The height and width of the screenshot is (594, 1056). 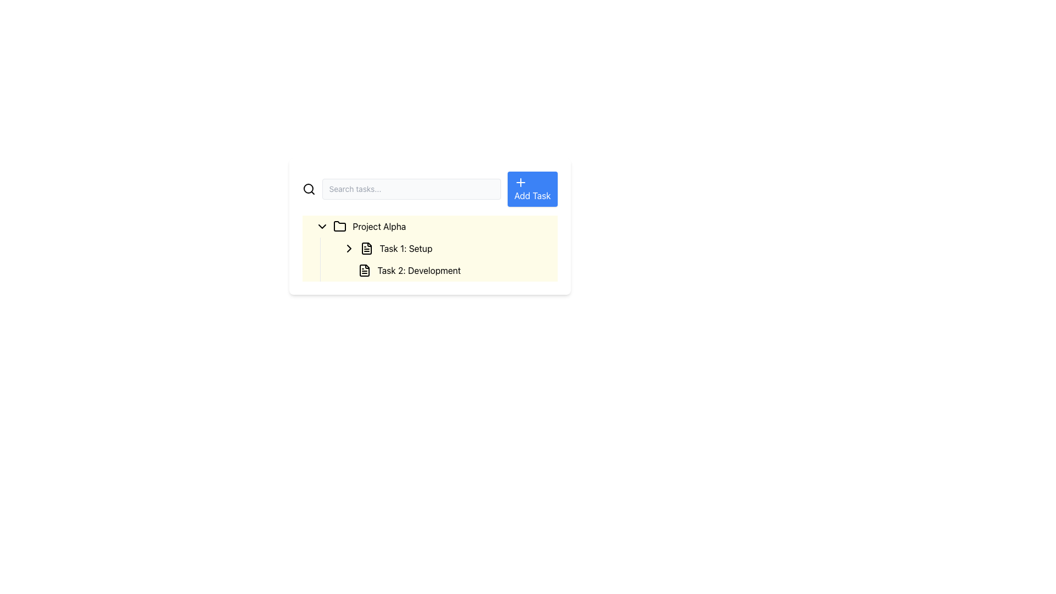 What do you see at coordinates (366, 248) in the screenshot?
I see `the minimalist black outline document icon located to the left of the text 'Task 1: Setup' under the 'Project Alpha' folder` at bounding box center [366, 248].